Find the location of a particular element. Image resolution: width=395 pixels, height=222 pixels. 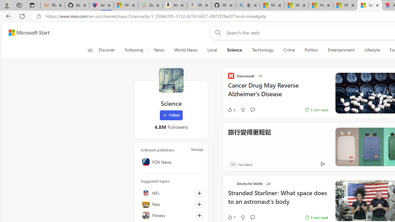

'Lifestyle' is located at coordinates (372, 50).